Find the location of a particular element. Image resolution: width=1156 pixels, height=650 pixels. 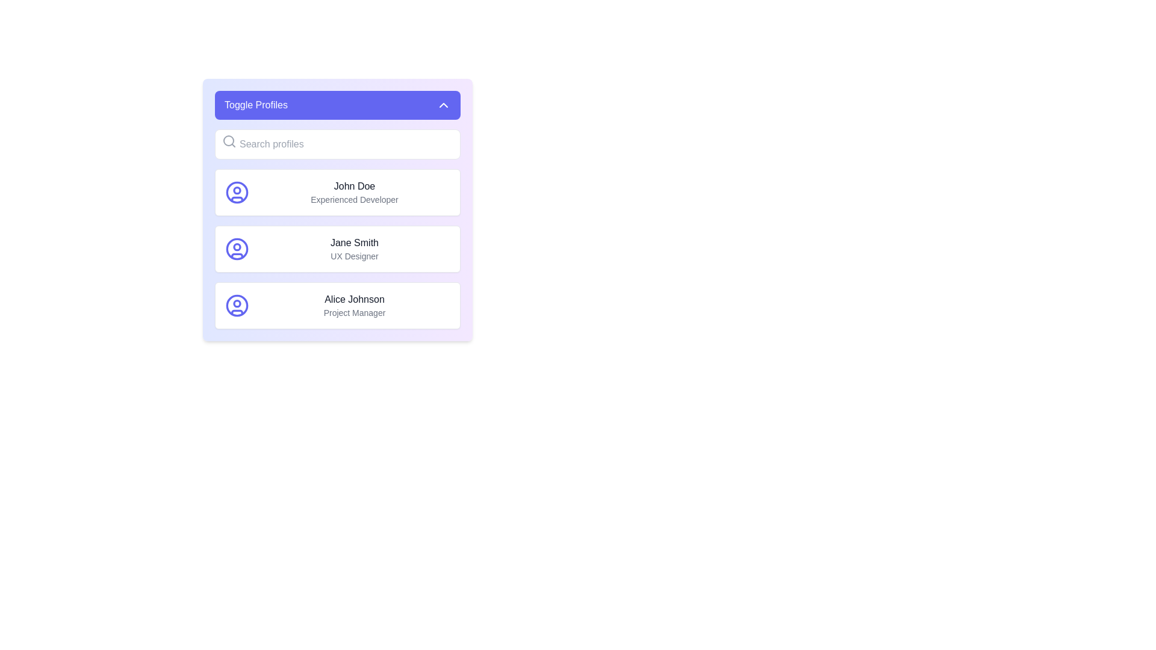

the descriptive label indicating the job title 'Project Manager' located beneath the name 'Alice Johnson' in the profile entry list is located at coordinates (354, 312).